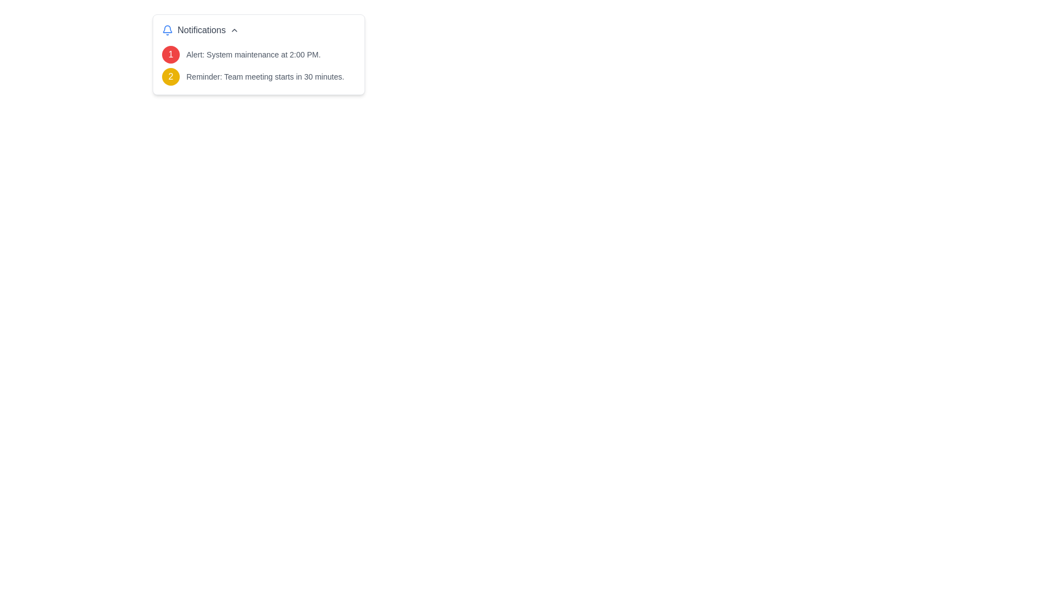  Describe the element at coordinates (258, 76) in the screenshot. I see `the second notification item that serves as a reminder for an upcoming team meeting, located below the system maintenance alert` at that location.